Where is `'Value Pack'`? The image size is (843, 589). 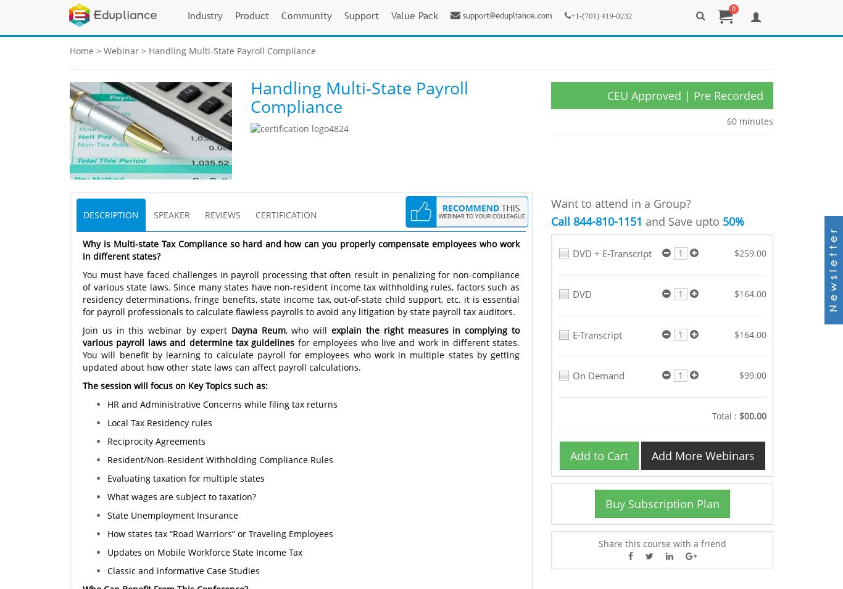
'Value Pack' is located at coordinates (413, 15).